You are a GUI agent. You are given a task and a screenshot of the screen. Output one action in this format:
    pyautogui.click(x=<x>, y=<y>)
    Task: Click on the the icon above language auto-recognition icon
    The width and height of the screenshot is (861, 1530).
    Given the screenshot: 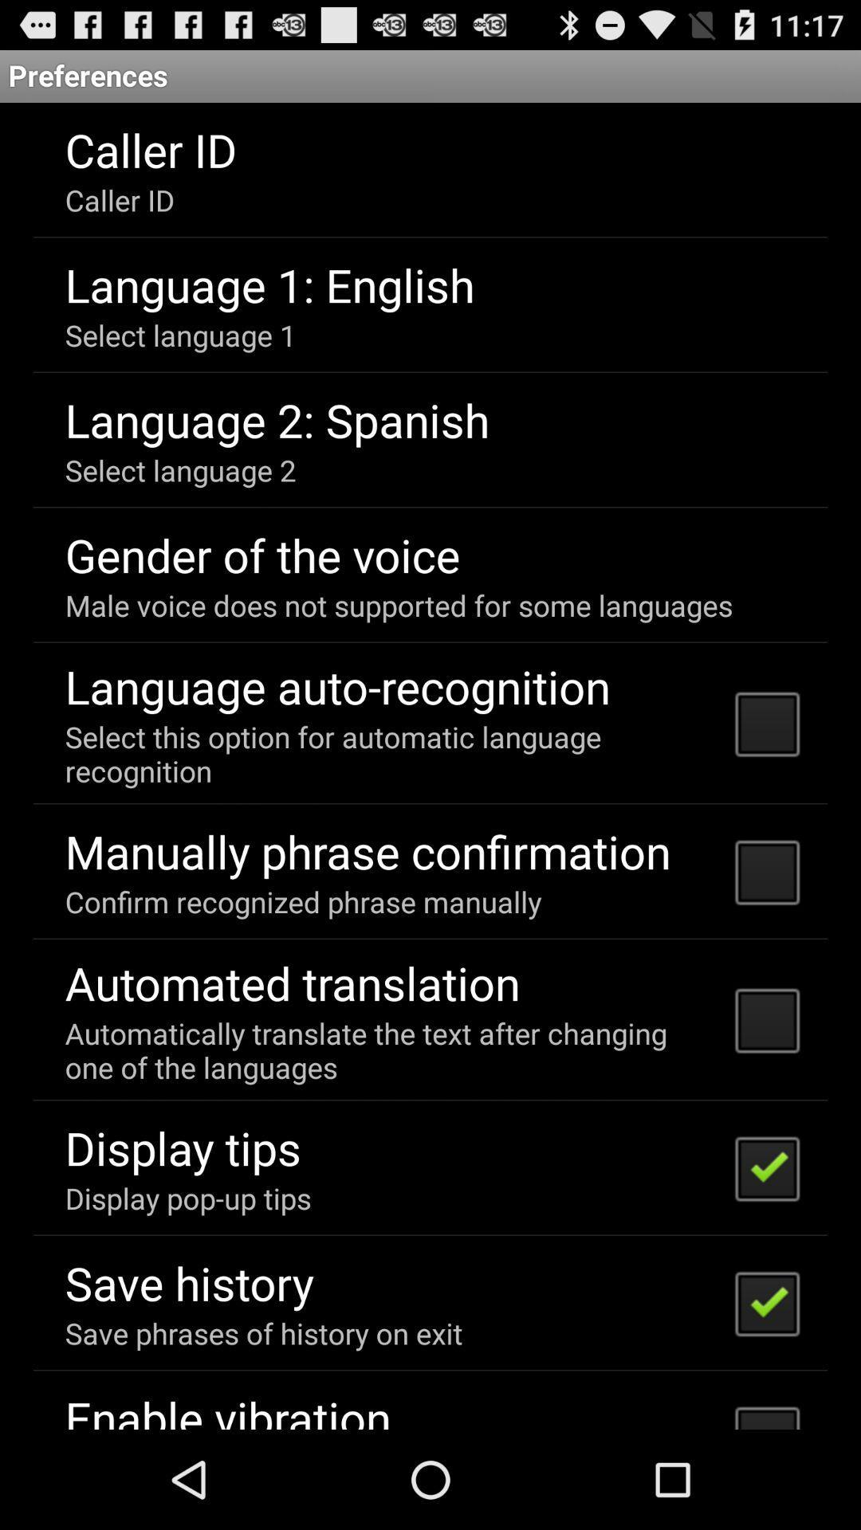 What is the action you would take?
    pyautogui.click(x=398, y=604)
    